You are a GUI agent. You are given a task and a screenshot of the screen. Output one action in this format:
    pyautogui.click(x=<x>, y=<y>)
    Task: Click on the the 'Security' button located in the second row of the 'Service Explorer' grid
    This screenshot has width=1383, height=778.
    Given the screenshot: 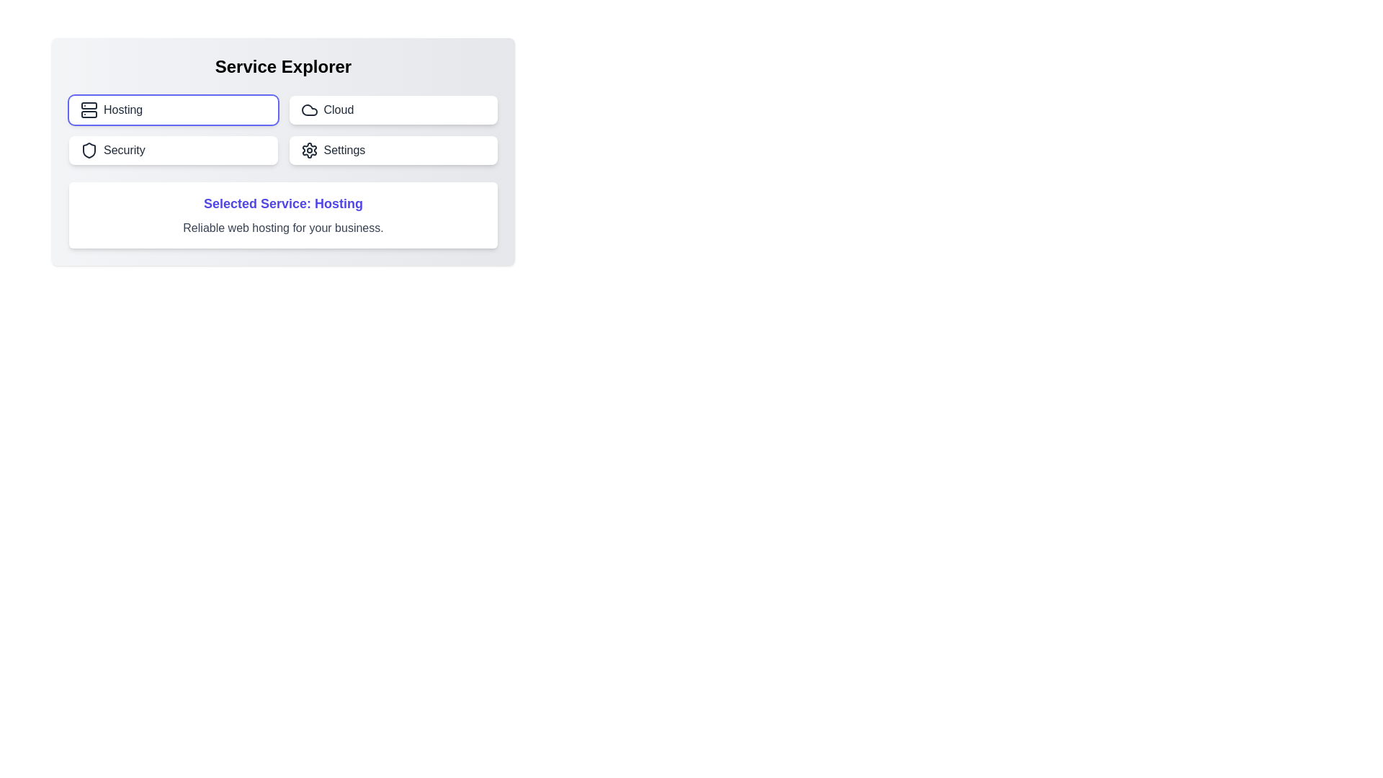 What is the action you would take?
    pyautogui.click(x=173, y=150)
    